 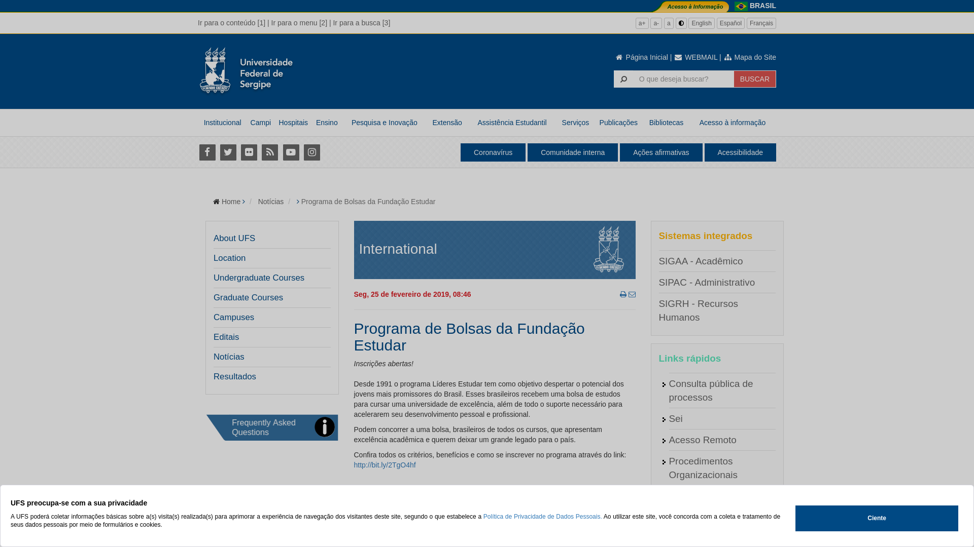 What do you see at coordinates (248, 297) in the screenshot?
I see `'Graduate Courses'` at bounding box center [248, 297].